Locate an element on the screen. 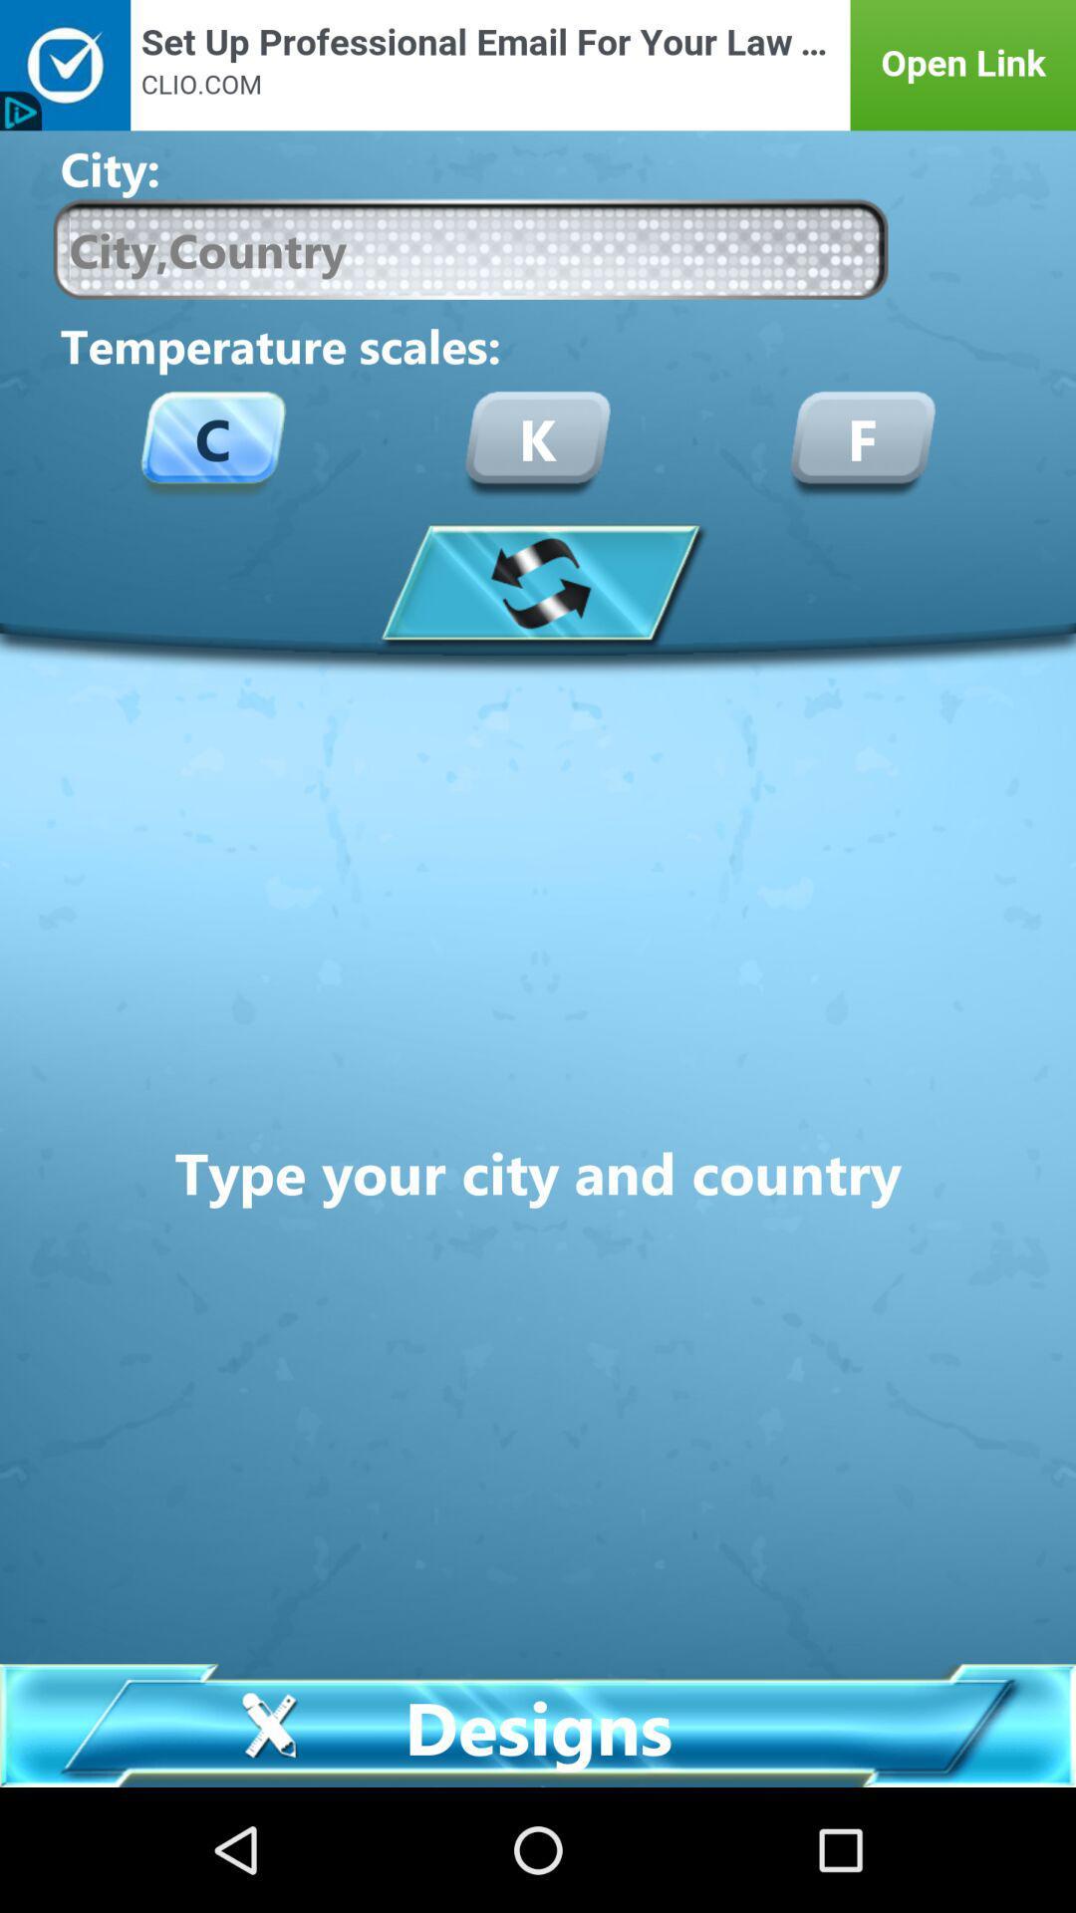  refresh icon is located at coordinates (538, 581).